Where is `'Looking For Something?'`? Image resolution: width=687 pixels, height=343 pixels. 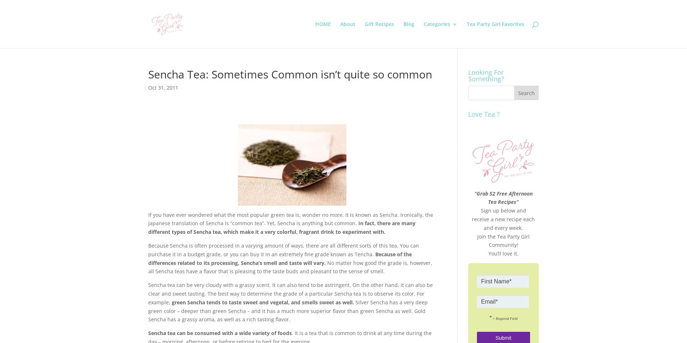 'Looking For Something?' is located at coordinates (485, 75).